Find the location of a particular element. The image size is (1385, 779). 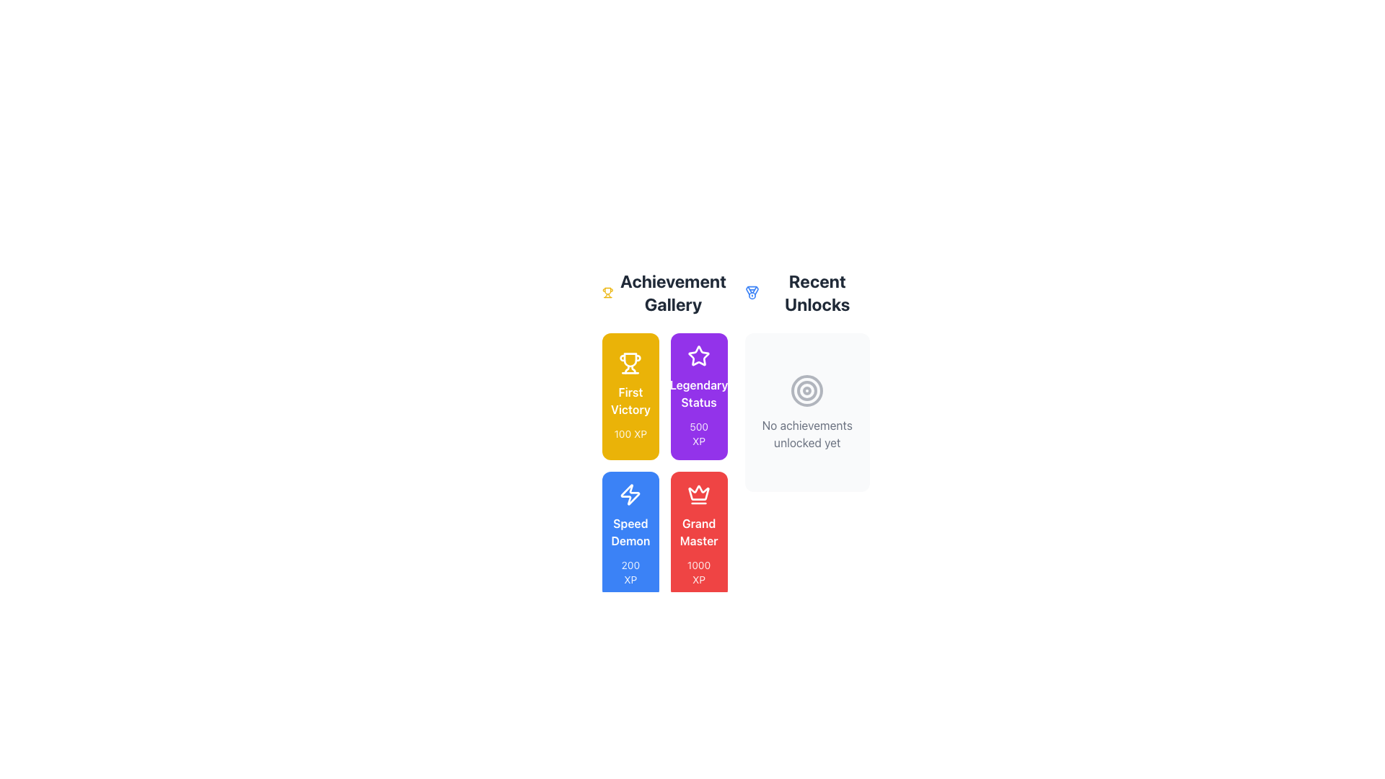

the central part of the trophy icon representing achievements in the 'Achievement Gallery' section is located at coordinates (630, 359).